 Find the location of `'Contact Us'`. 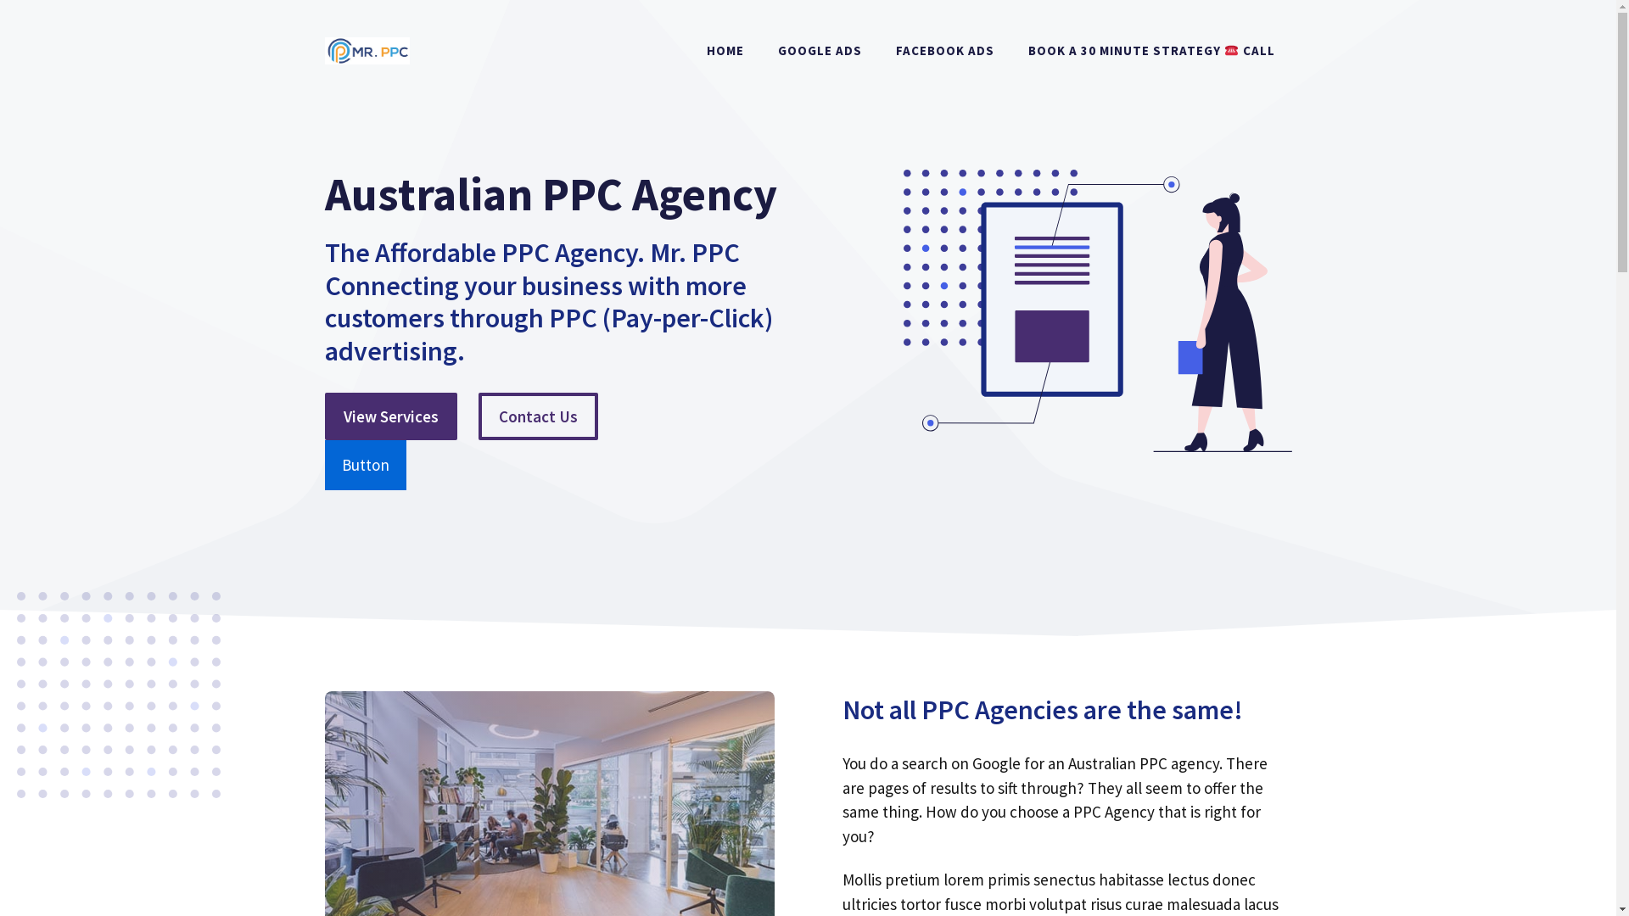

'Contact Us' is located at coordinates (537, 416).